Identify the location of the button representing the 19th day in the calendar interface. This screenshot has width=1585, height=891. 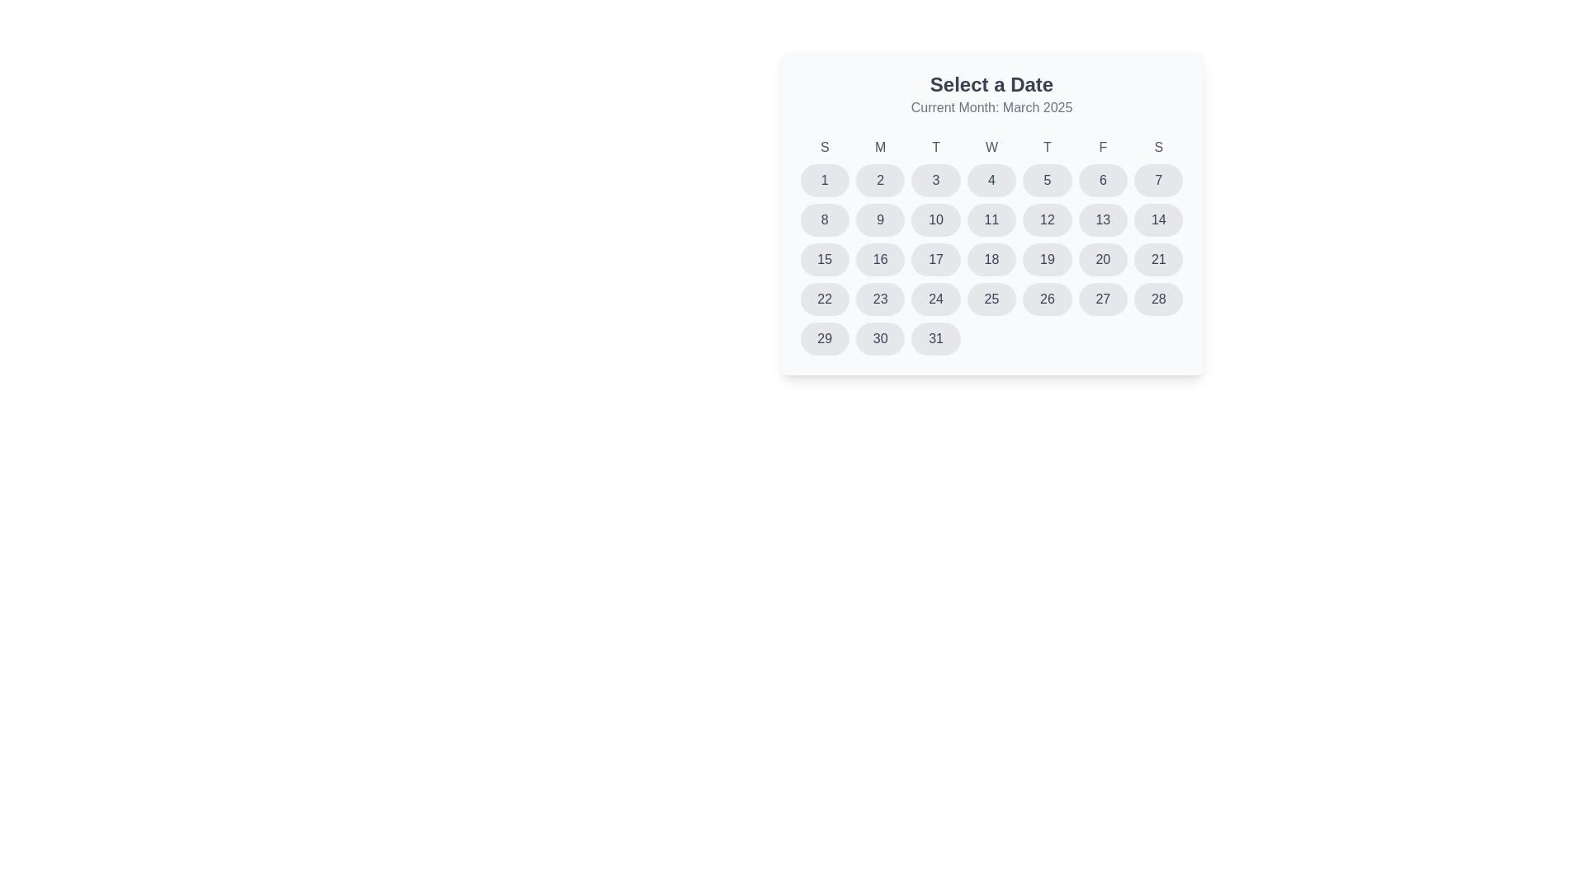
(1046, 260).